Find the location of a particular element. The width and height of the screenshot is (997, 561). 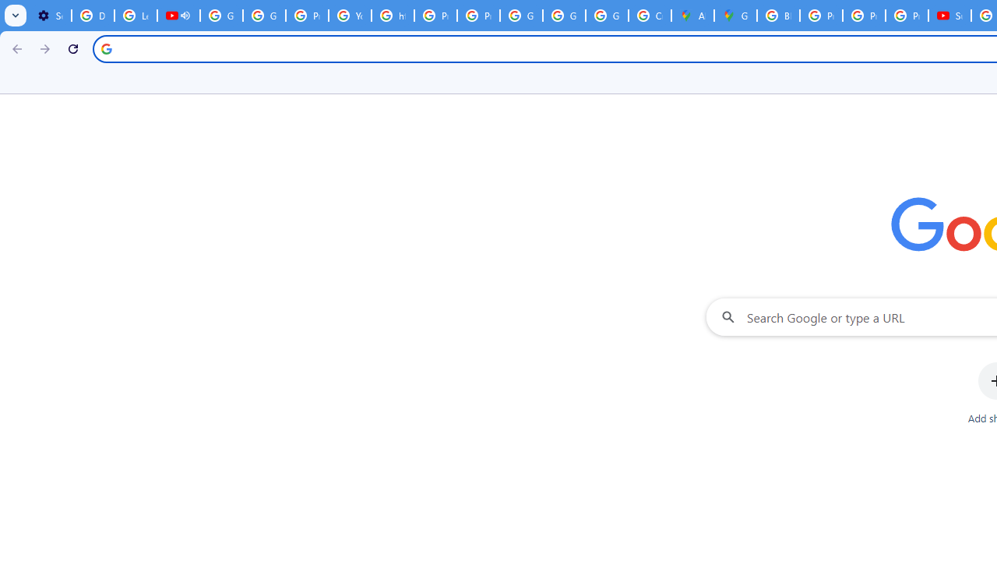

'Learn how to find your photos - Google Photos Help' is located at coordinates (136, 16).